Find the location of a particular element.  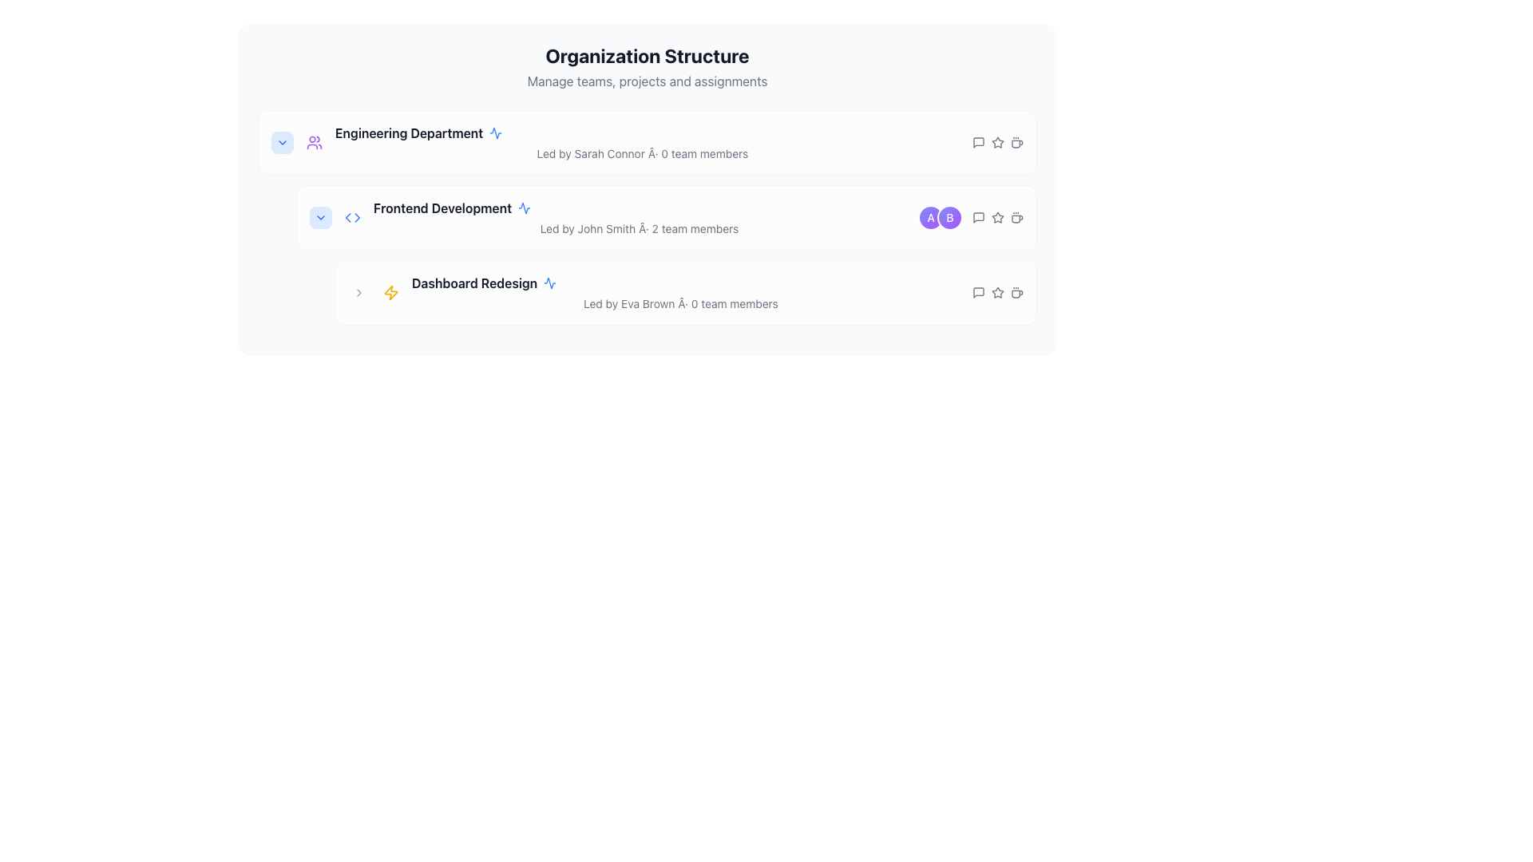

the small, rounded square button with a light blue background and a darker blue chevron-down icon is located at coordinates (320, 218).